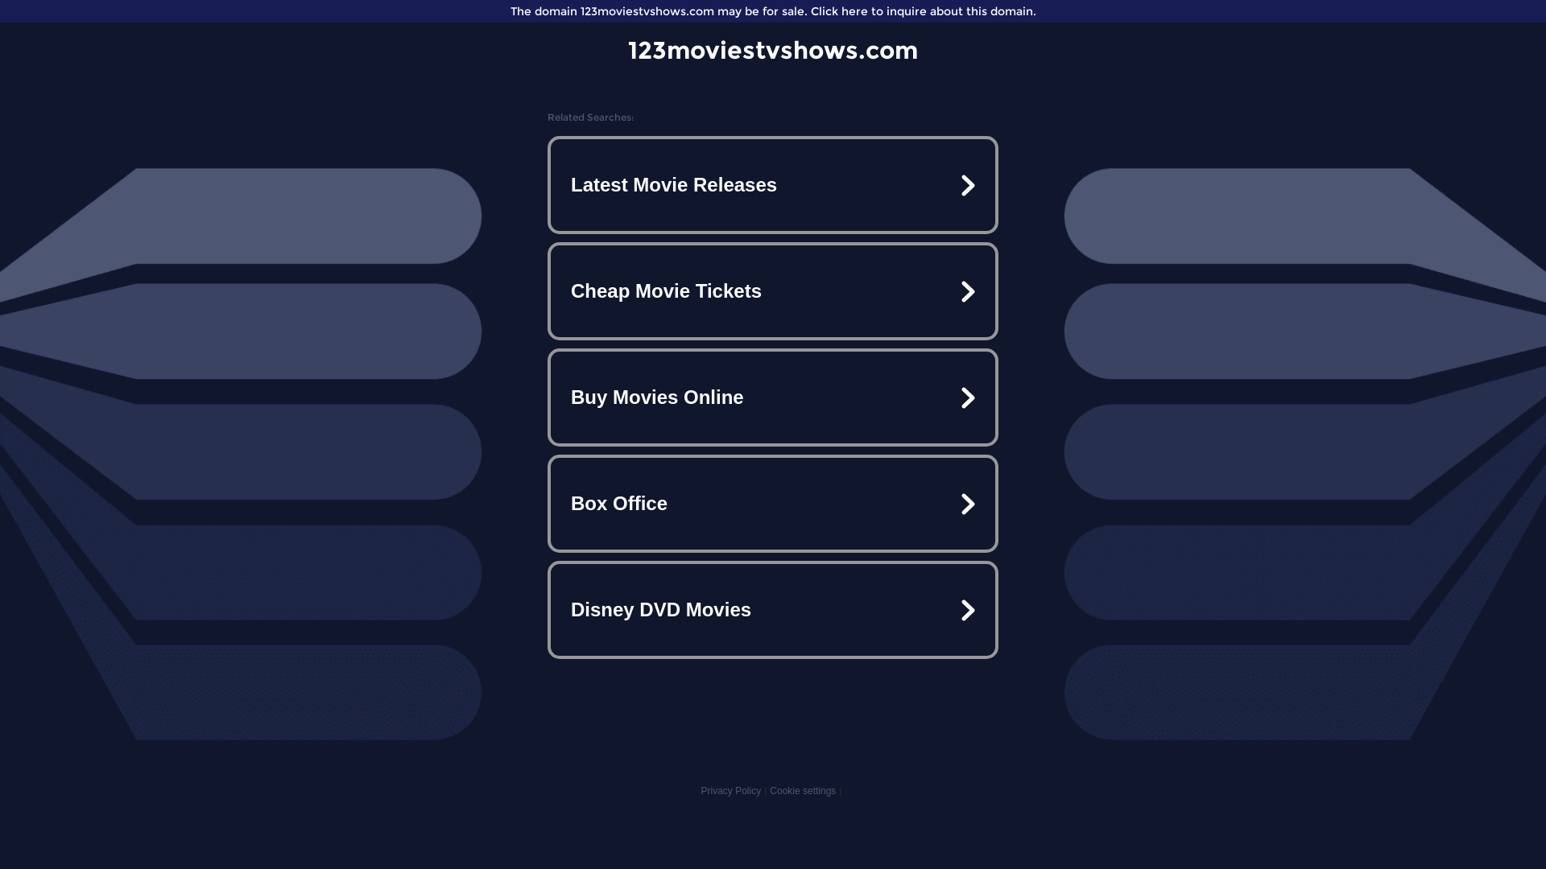 The width and height of the screenshot is (1546, 869). I want to click on 'Box Office', so click(773, 502).